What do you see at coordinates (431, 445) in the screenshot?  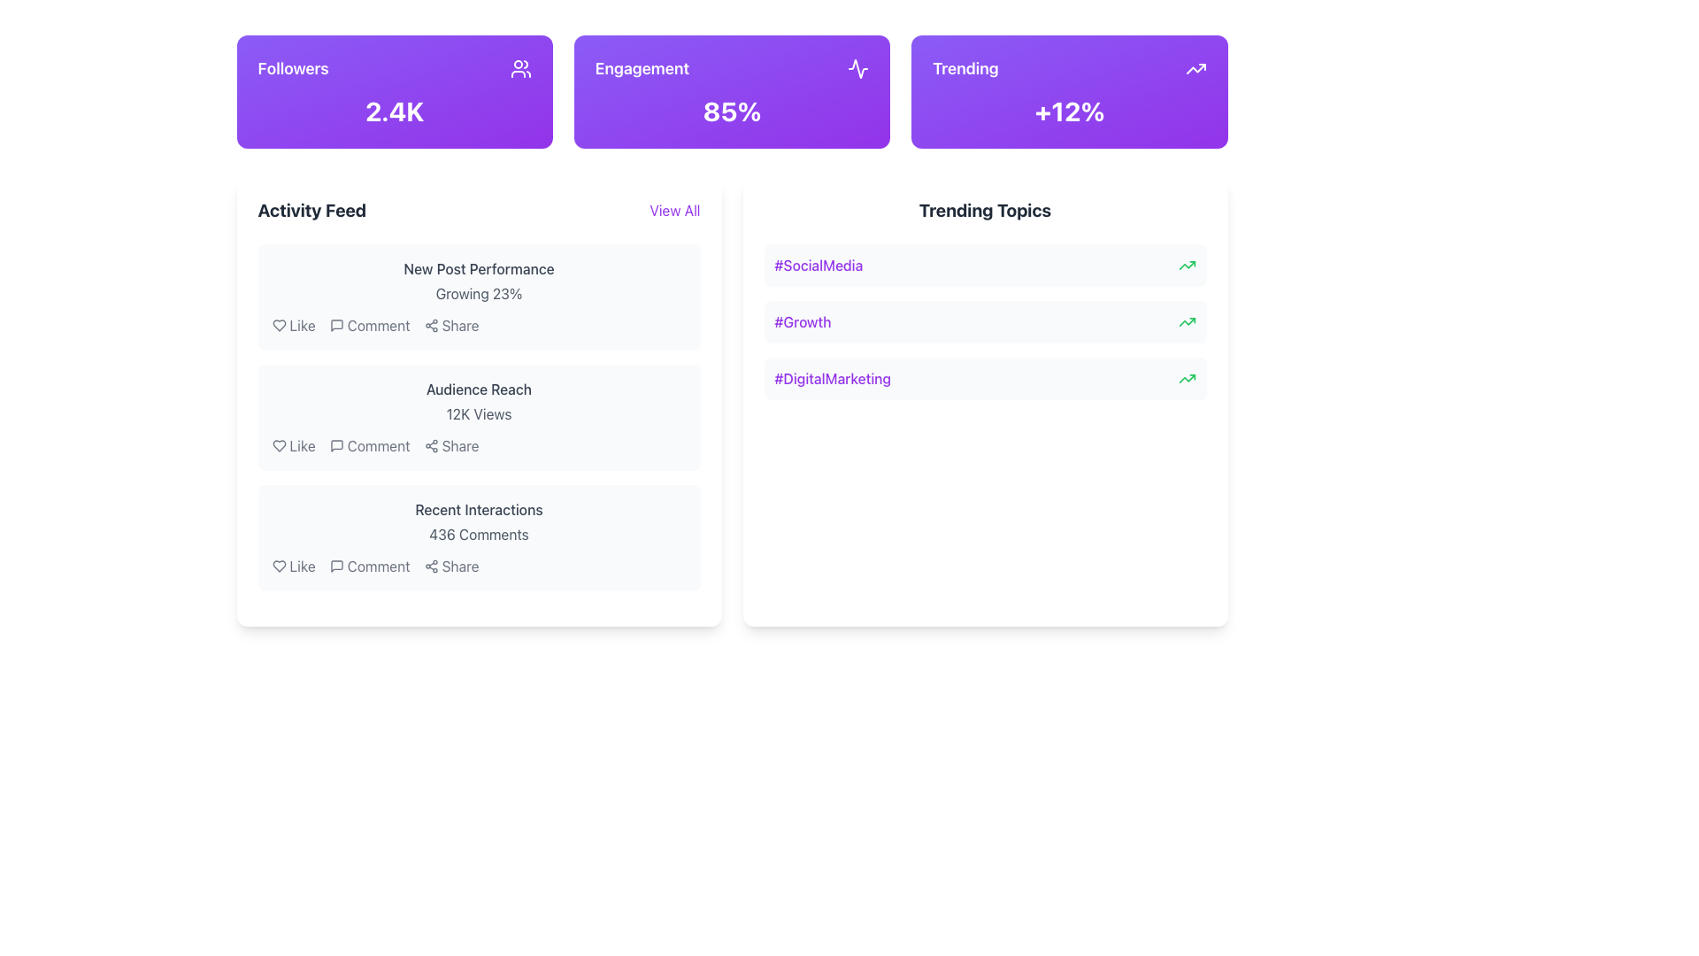 I see `the share icon button, which is a small circular icon with three connected circles, located next to the text 'Share' in the 'Activity Feed' section under 'Audience Reach'` at bounding box center [431, 445].